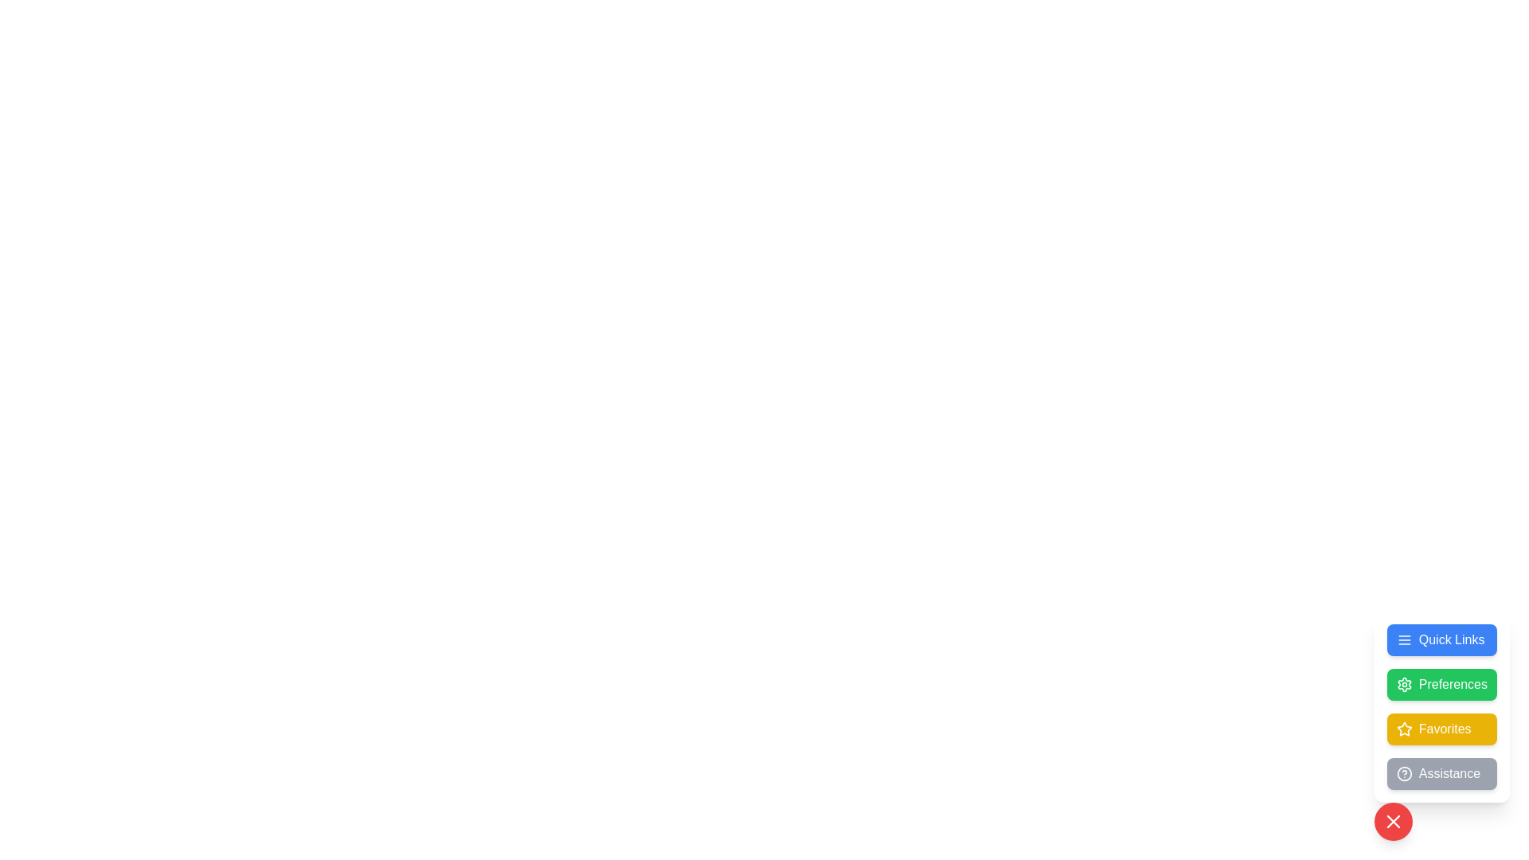  What do you see at coordinates (1441, 725) in the screenshot?
I see `the yellow rectangular button labeled 'Favorites' with a star icon on its left` at bounding box center [1441, 725].